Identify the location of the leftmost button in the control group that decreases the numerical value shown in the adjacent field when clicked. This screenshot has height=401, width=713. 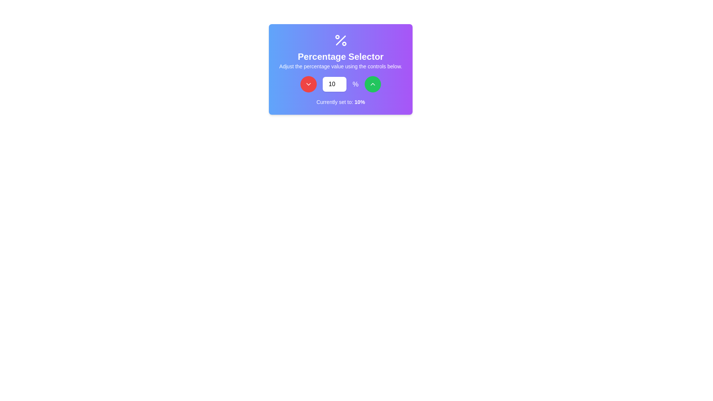
(309, 84).